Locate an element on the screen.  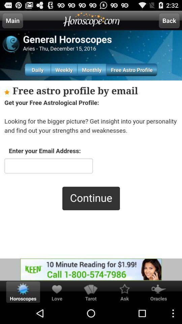
opens a advertisement is located at coordinates (91, 269).